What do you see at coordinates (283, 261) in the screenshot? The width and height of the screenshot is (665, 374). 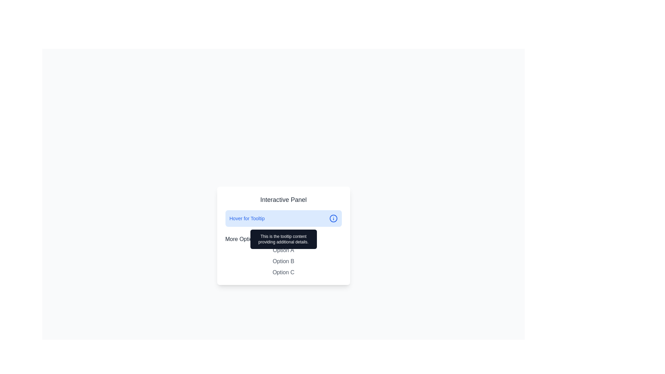 I see `the text group containing the options 'Option A', 'Option B', and 'Option C' that is located below the 'More Options' title` at bounding box center [283, 261].